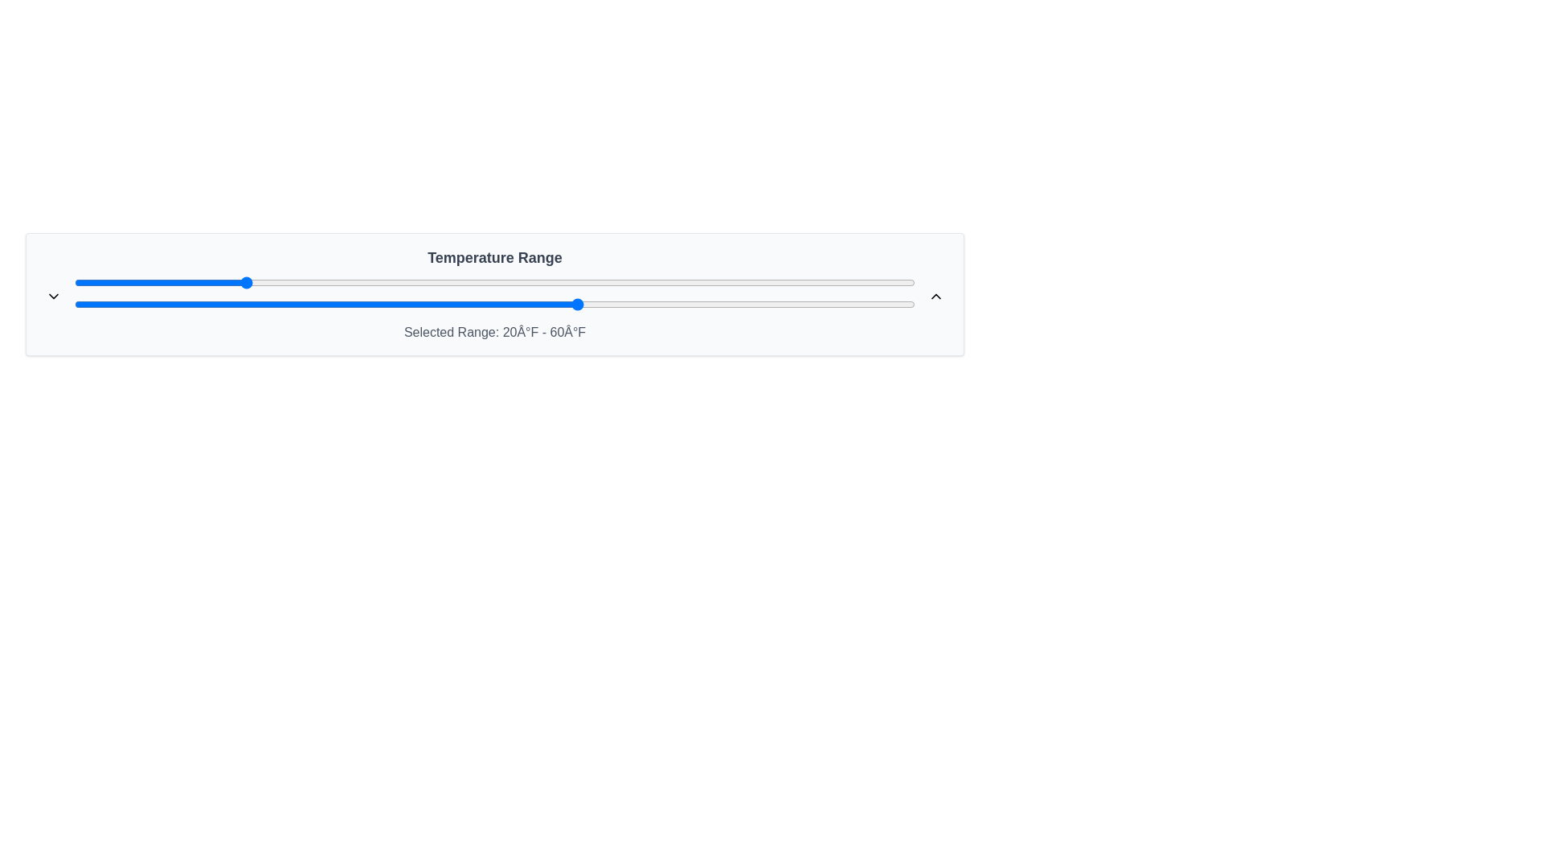  What do you see at coordinates (797, 304) in the screenshot?
I see `the slider` at bounding box center [797, 304].